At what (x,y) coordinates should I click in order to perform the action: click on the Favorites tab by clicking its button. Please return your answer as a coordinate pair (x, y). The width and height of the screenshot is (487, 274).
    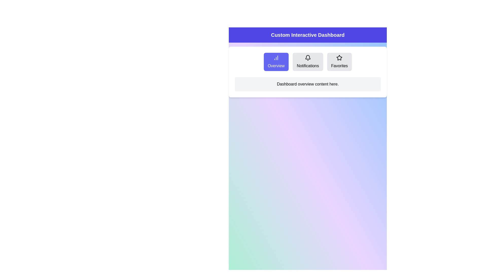
    Looking at the image, I should click on (339, 61).